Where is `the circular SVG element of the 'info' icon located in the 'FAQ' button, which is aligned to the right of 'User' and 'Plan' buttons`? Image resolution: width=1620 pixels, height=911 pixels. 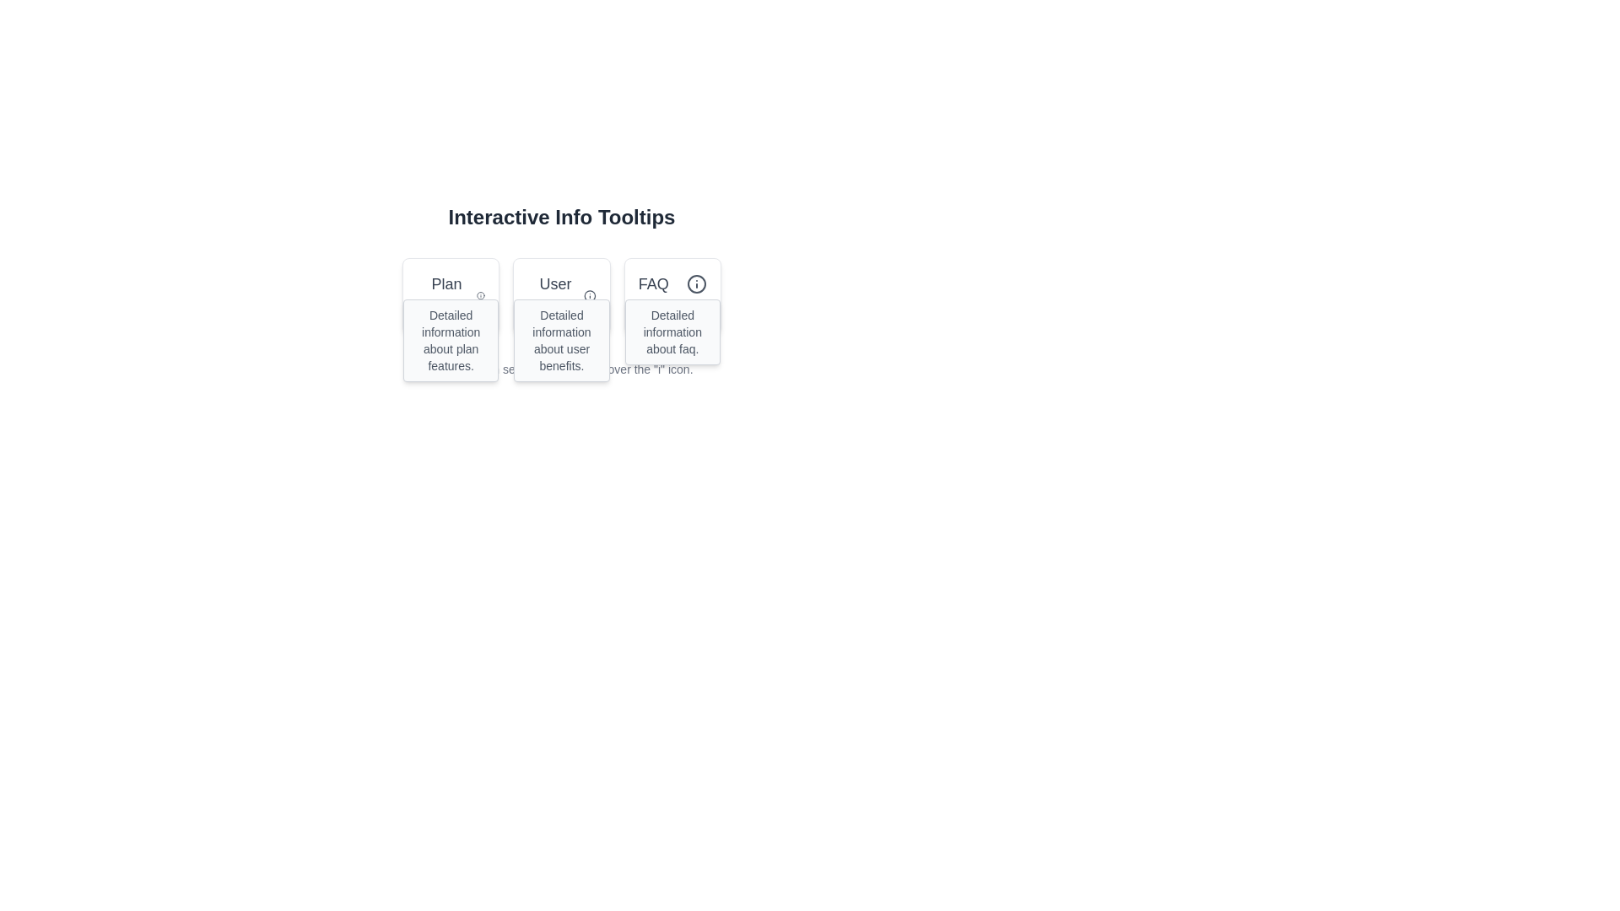 the circular SVG element of the 'info' icon located in the 'FAQ' button, which is aligned to the right of 'User' and 'Plan' buttons is located at coordinates (696, 283).